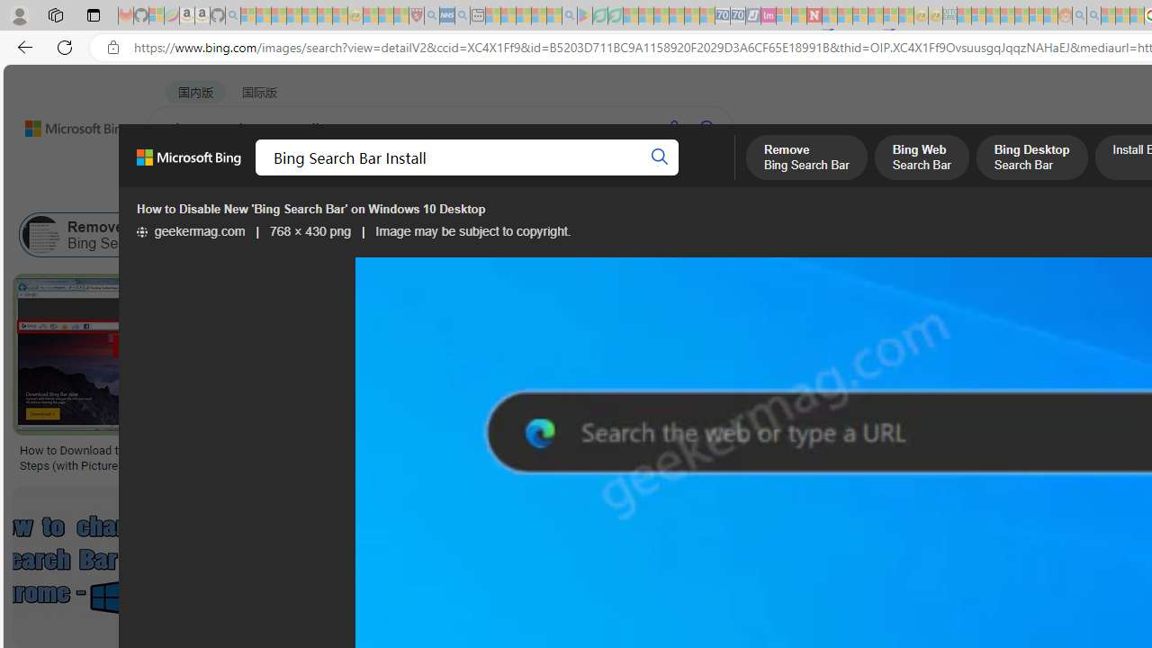 This screenshot has width=1152, height=648. Describe the element at coordinates (181, 175) in the screenshot. I see `'WEB'` at that location.